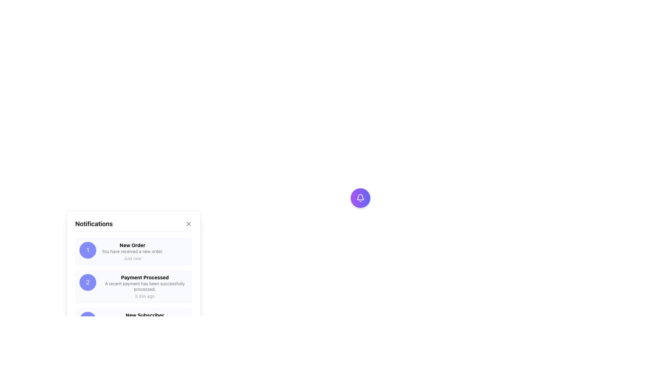 Image resolution: width=672 pixels, height=378 pixels. What do you see at coordinates (87, 320) in the screenshot?
I see `the circular avatar or badge with a purple background and the number '3' in white text, located in the left section of the new subscriber notification card` at bounding box center [87, 320].